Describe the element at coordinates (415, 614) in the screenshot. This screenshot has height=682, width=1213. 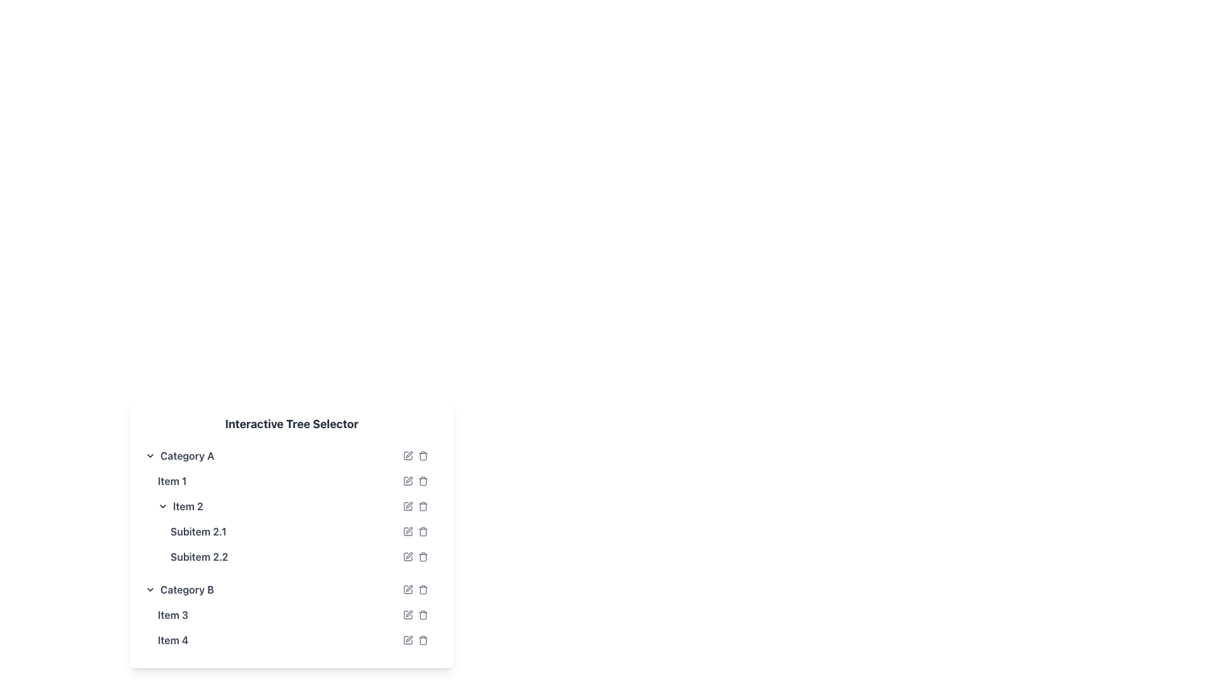
I see `the pencil icon in the Control group containing two interactive icons, which is positioned to the right of 'Item 3' in the Interactive Tree Selector interface` at that location.